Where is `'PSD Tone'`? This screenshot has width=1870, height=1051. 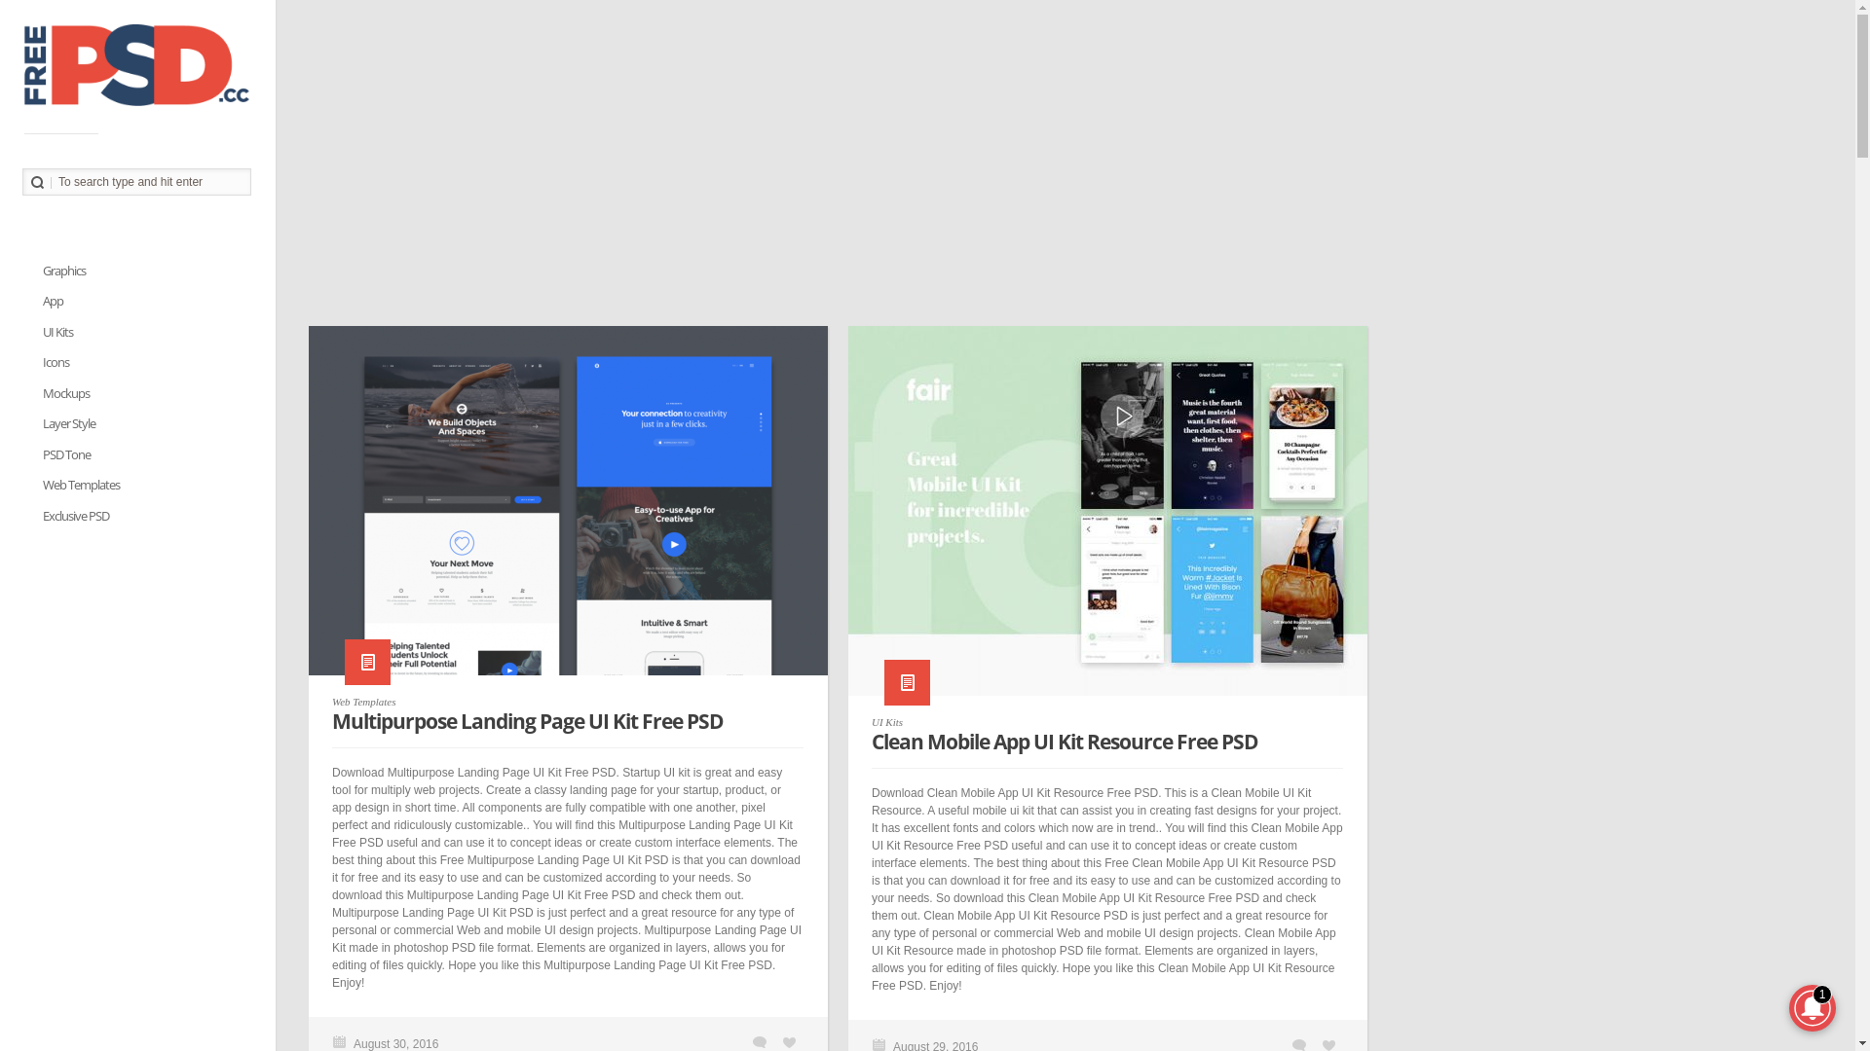
'PSD Tone' is located at coordinates (22, 454).